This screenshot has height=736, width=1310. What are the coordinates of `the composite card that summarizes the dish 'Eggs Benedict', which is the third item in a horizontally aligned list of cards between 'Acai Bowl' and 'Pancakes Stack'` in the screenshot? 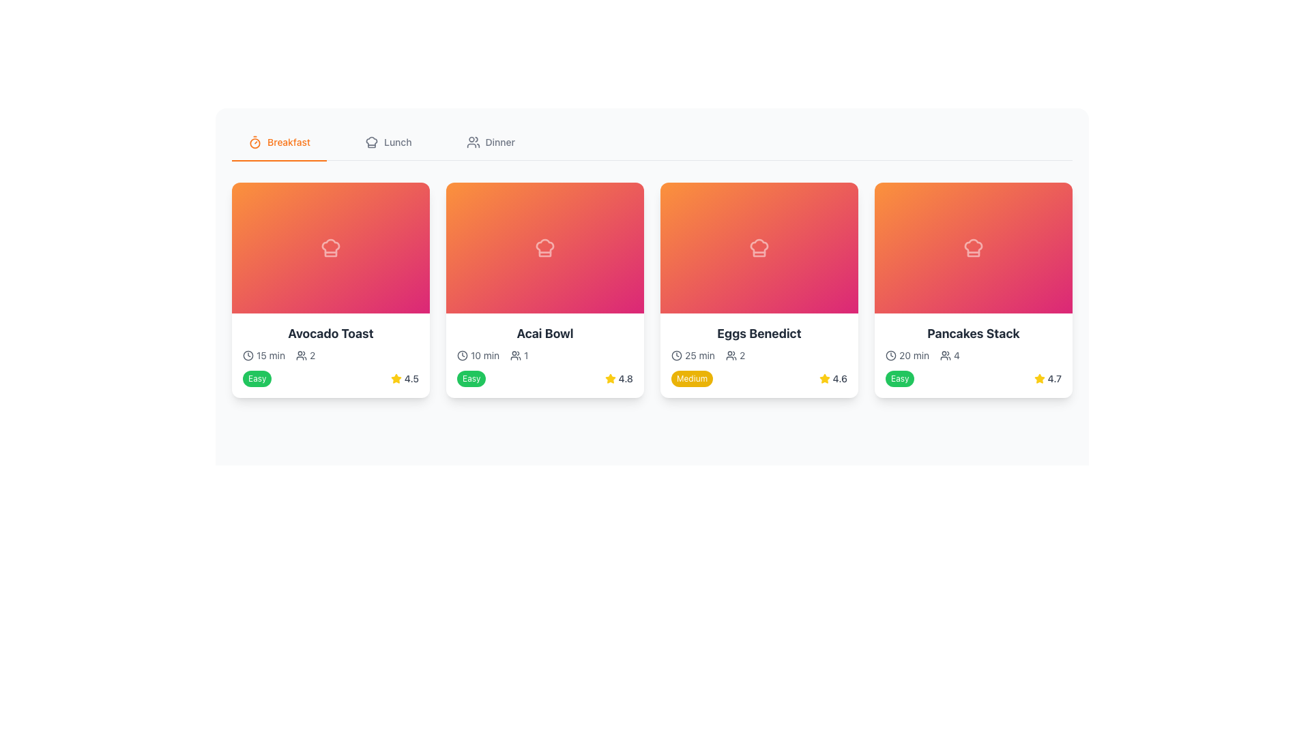 It's located at (759, 354).